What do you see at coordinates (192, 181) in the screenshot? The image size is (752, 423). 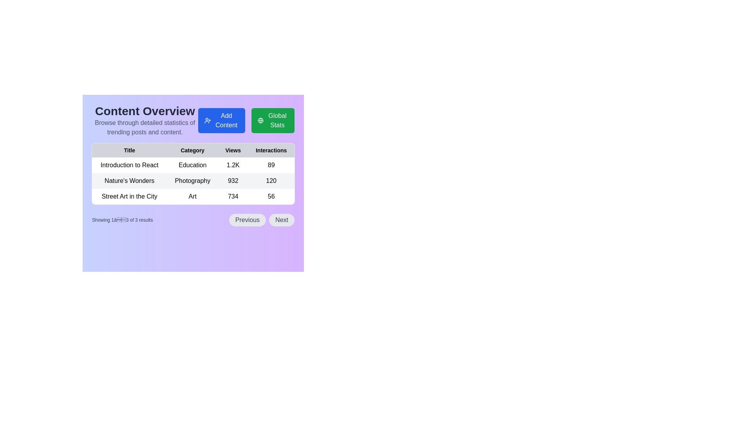 I see `the text label displaying 'Photography' which is located under the 'Category' column in the data table, positioned to the right of 'Nature's Wonders'` at bounding box center [192, 181].